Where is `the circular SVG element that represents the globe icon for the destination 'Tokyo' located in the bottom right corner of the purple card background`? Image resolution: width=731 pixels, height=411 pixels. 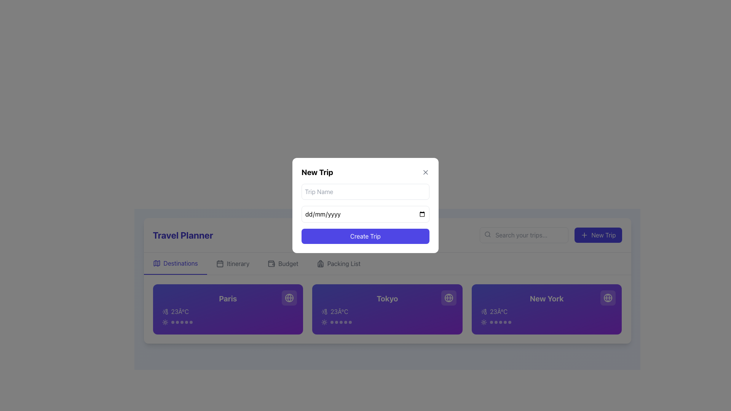 the circular SVG element that represents the globe icon for the destination 'Tokyo' located in the bottom right corner of the purple card background is located at coordinates (448, 298).